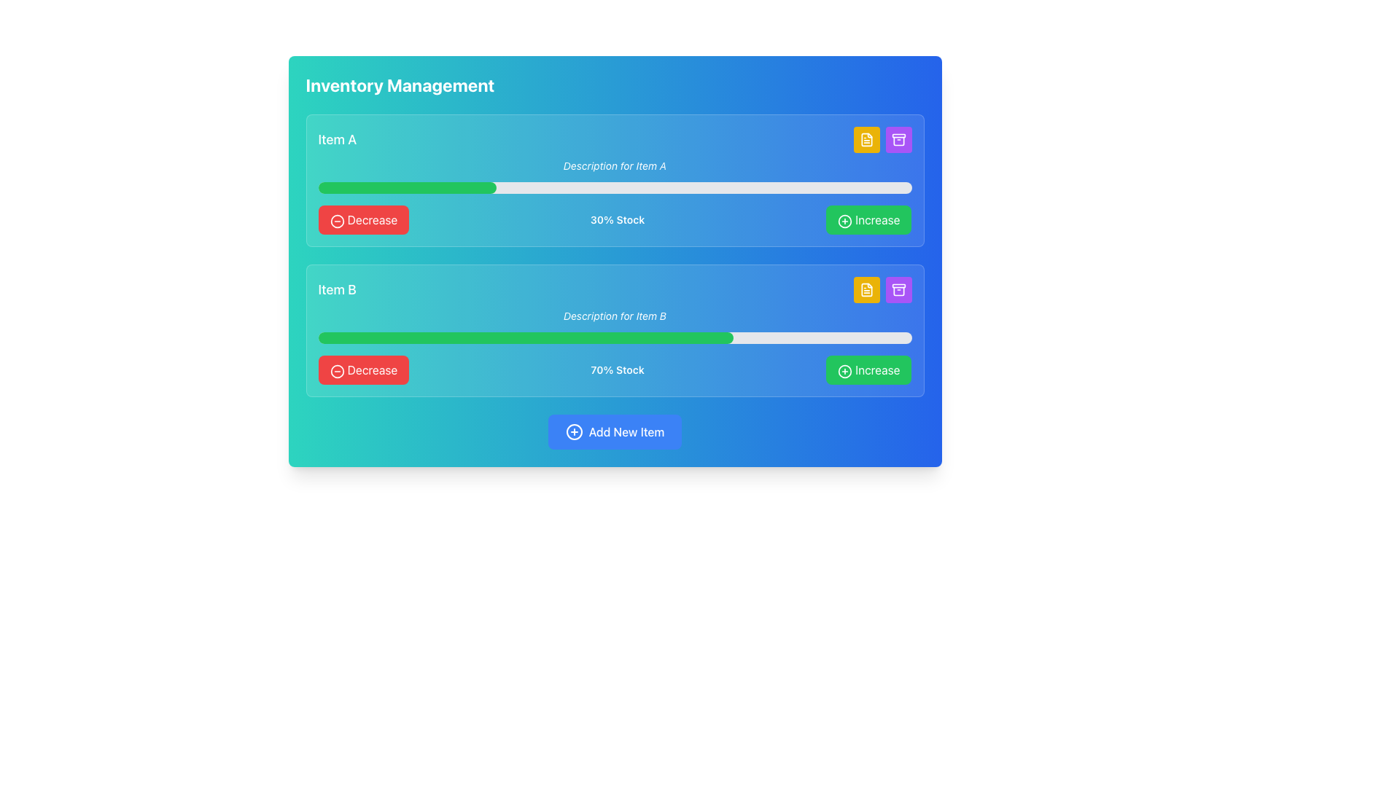 Image resolution: width=1400 pixels, height=787 pixels. Describe the element at coordinates (866, 289) in the screenshot. I see `the second icon in the horizontal row of three icons at the top right corner of the 'Item B' inventory section` at that location.